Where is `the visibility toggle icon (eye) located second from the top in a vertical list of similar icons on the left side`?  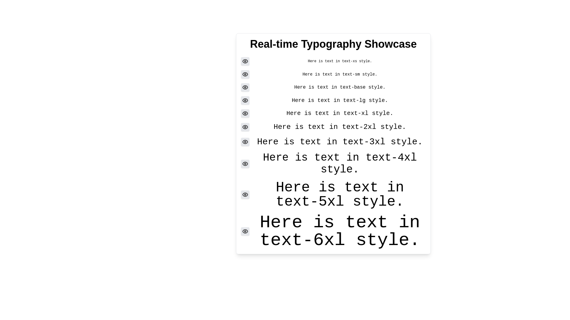 the visibility toggle icon (eye) located second from the top in a vertical list of similar icons on the left side is located at coordinates (245, 74).